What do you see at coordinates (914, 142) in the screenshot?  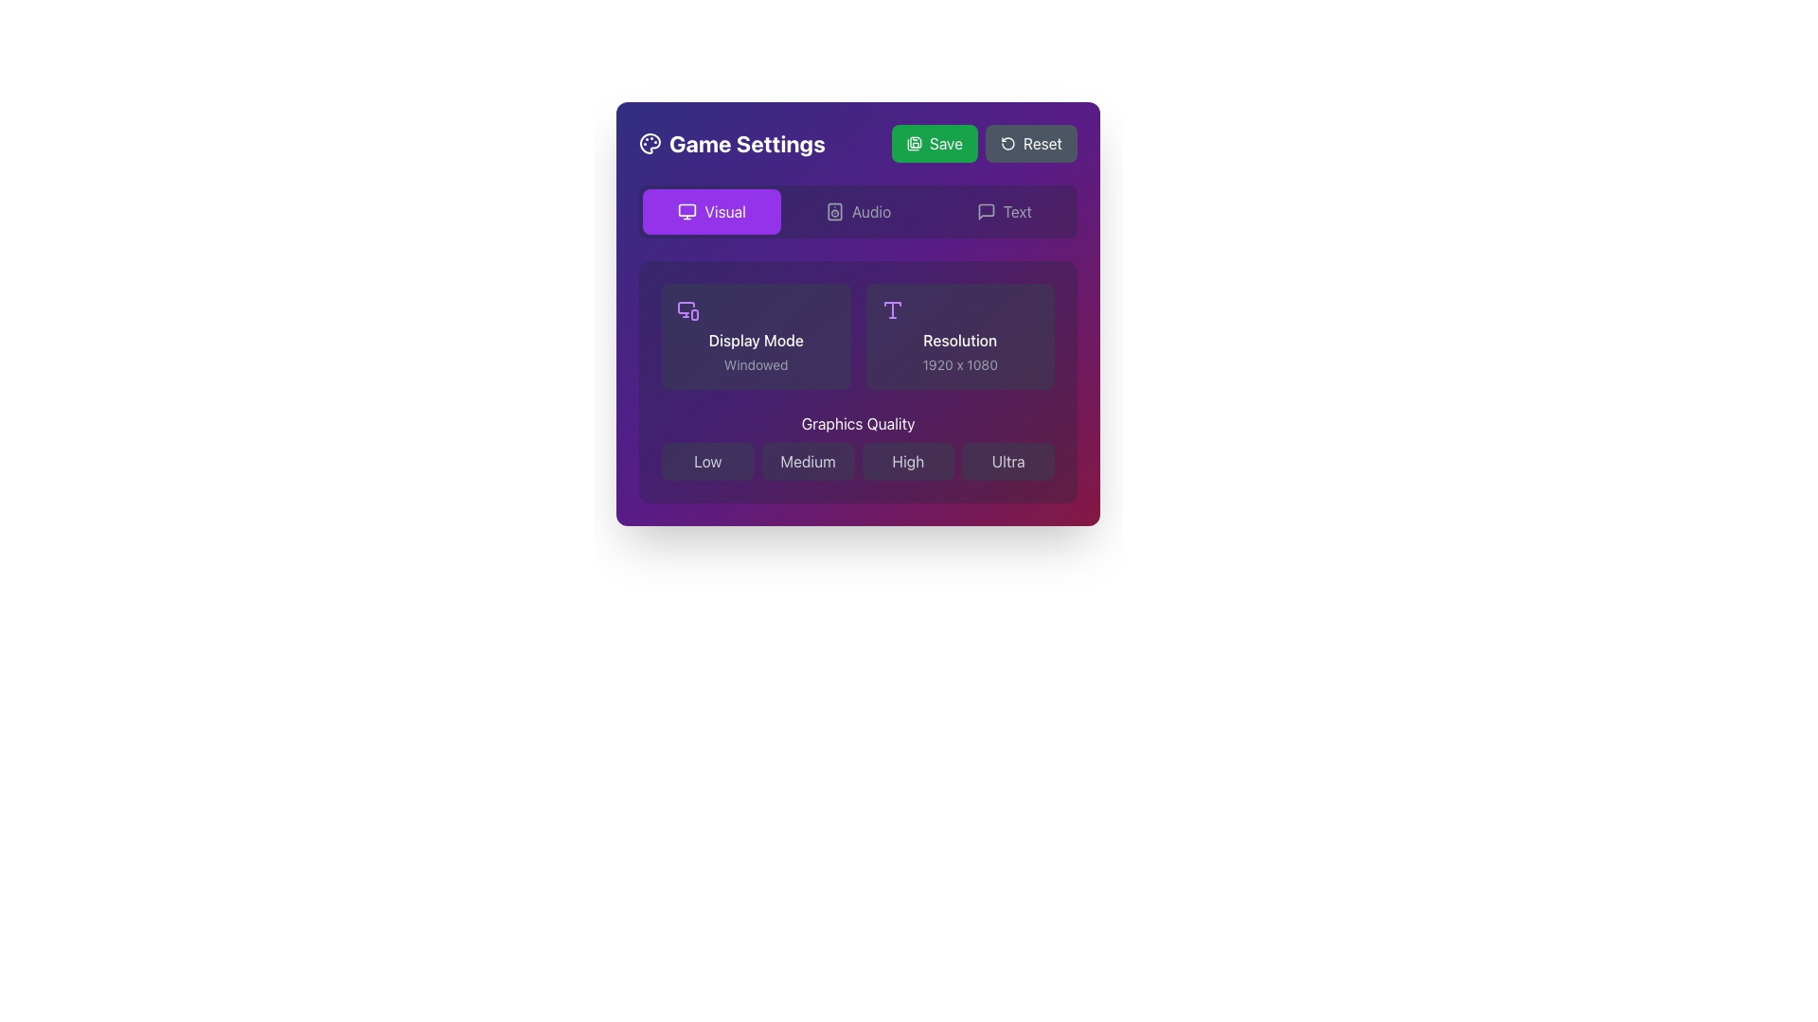 I see `the save icon, which has a green background and is located to the left of the 'Save' text` at bounding box center [914, 142].